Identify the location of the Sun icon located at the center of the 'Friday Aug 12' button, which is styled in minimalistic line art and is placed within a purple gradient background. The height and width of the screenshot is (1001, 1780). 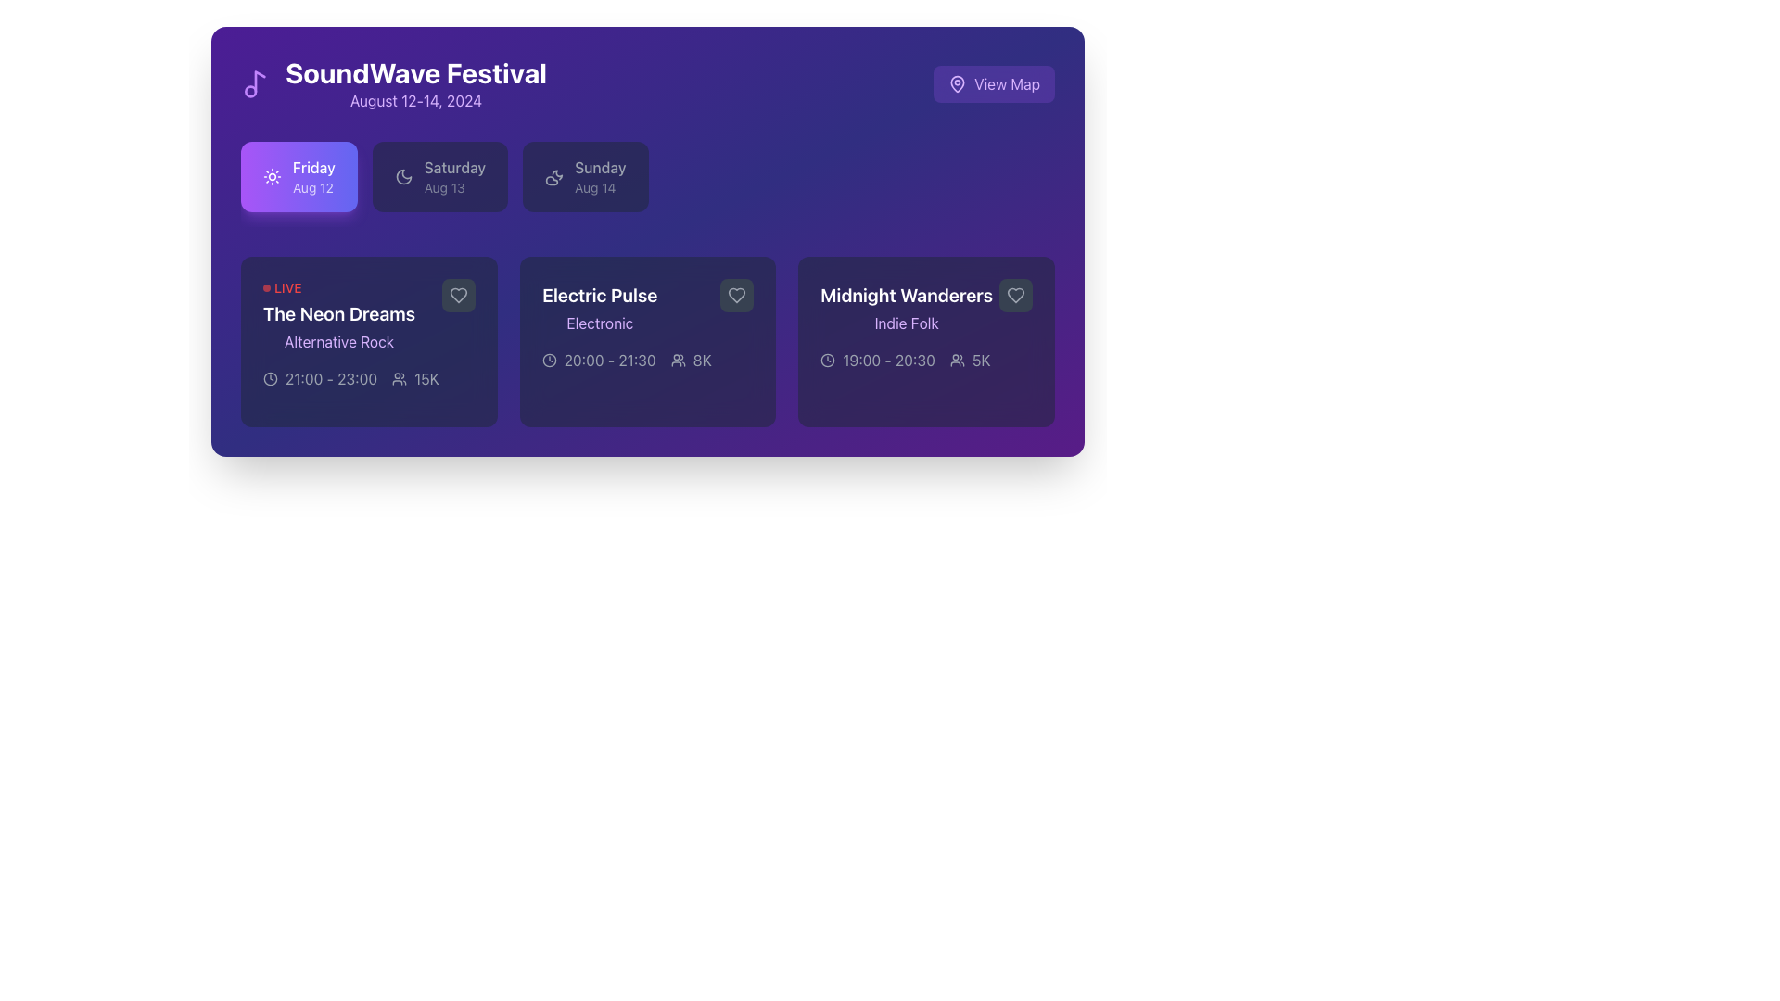
(271, 177).